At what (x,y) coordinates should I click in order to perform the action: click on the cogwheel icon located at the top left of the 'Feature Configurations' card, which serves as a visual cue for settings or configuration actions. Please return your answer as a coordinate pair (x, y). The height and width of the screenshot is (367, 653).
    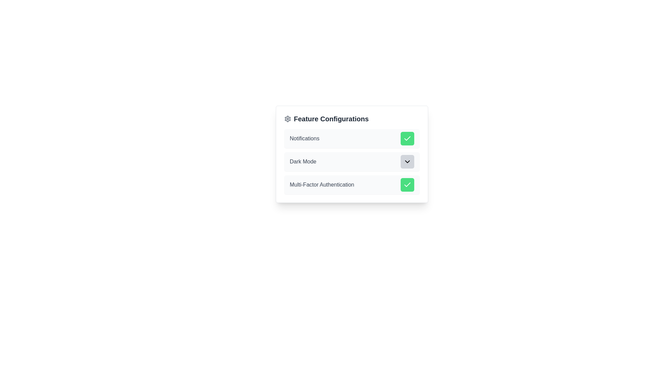
    Looking at the image, I should click on (287, 119).